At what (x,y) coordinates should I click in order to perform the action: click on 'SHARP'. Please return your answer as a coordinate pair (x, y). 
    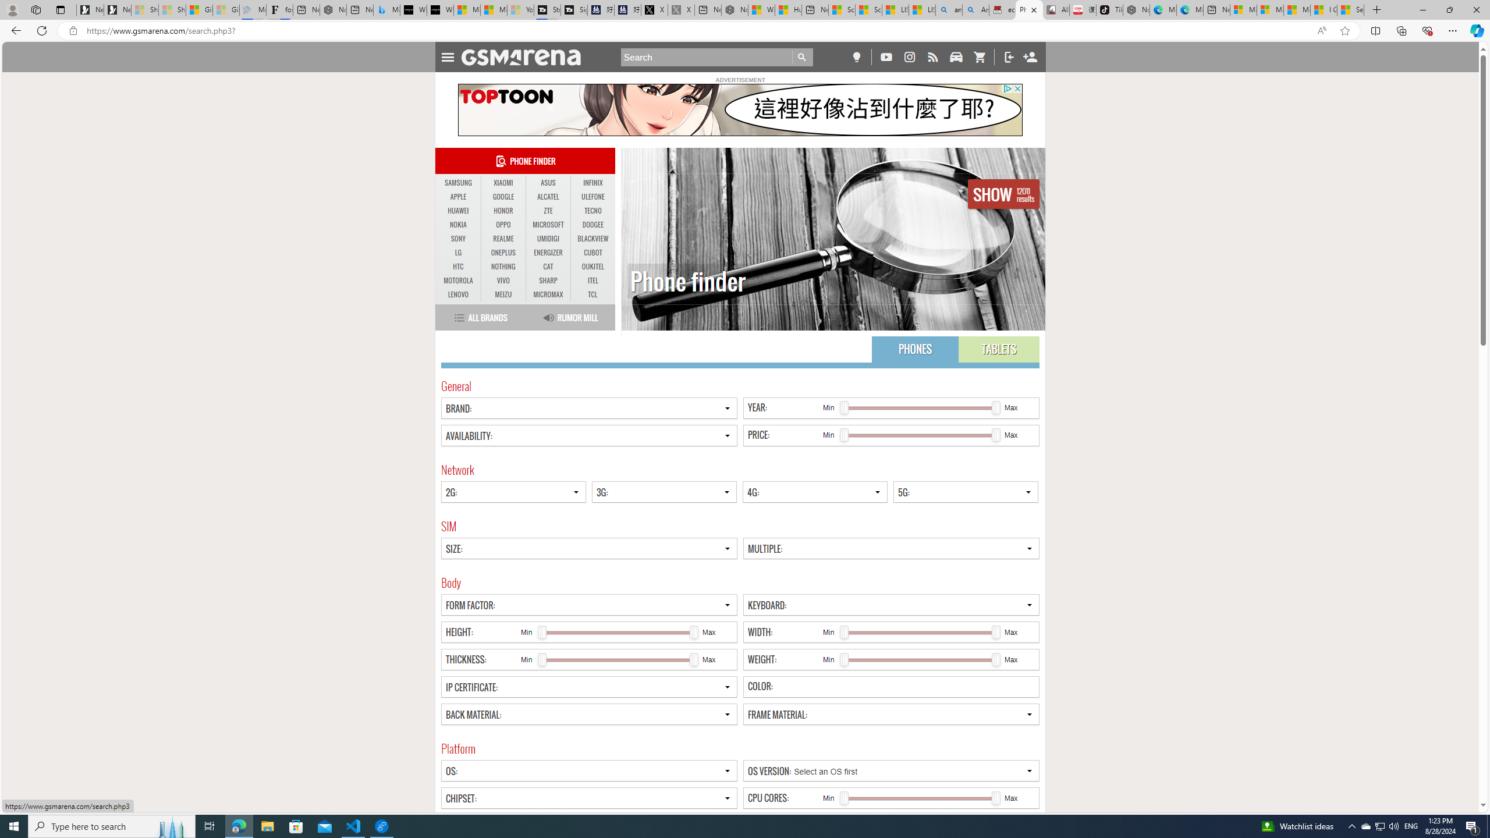
    Looking at the image, I should click on (548, 280).